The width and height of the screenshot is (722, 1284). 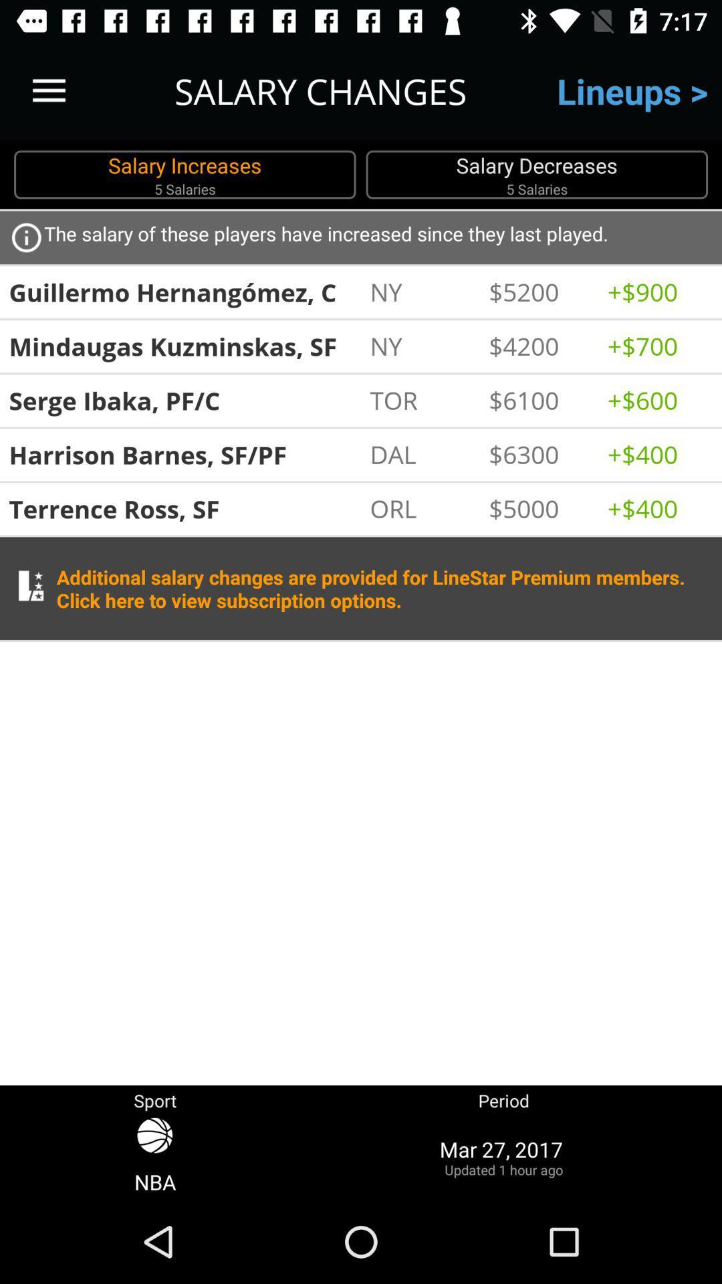 I want to click on the icon to the left of salary changes item, so click(x=48, y=90).